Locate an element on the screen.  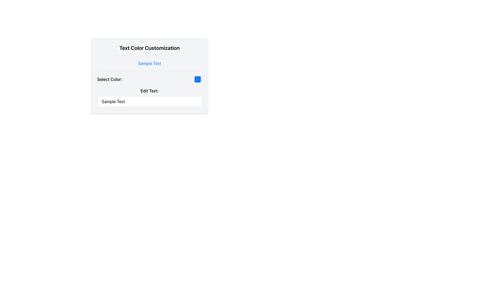
the blue square-shaped color picker trigger element located to the right of the 'Select Color:' label is located at coordinates (197, 79).